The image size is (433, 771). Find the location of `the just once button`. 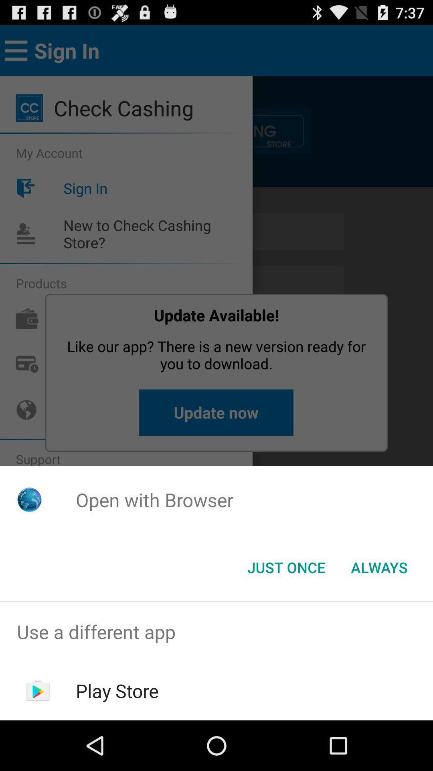

the just once button is located at coordinates (286, 567).